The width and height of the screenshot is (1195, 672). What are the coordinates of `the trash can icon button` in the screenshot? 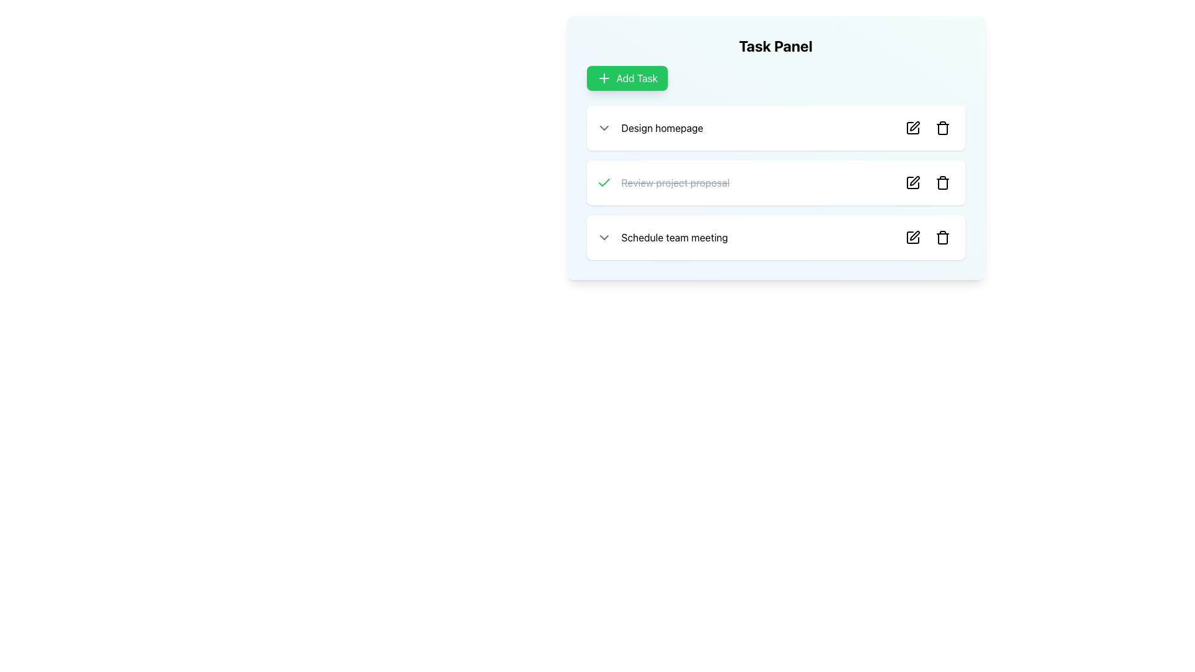 It's located at (942, 128).